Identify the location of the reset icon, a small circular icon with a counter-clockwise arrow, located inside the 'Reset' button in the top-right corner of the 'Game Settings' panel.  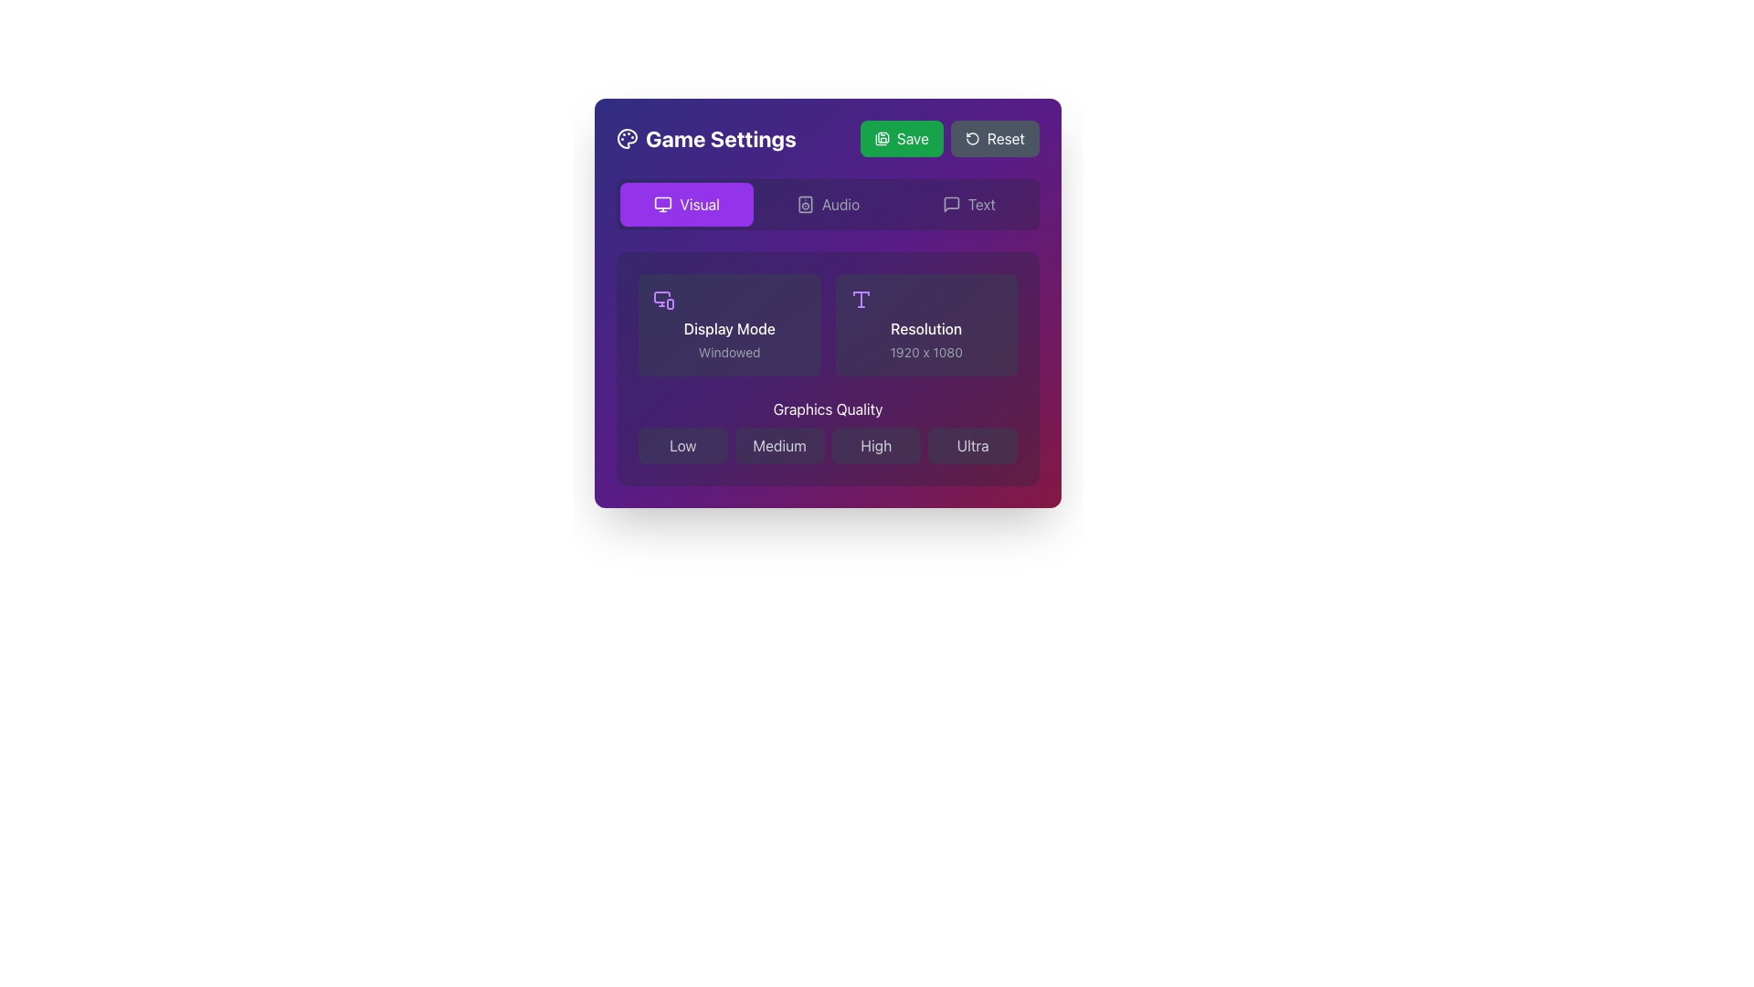
(971, 137).